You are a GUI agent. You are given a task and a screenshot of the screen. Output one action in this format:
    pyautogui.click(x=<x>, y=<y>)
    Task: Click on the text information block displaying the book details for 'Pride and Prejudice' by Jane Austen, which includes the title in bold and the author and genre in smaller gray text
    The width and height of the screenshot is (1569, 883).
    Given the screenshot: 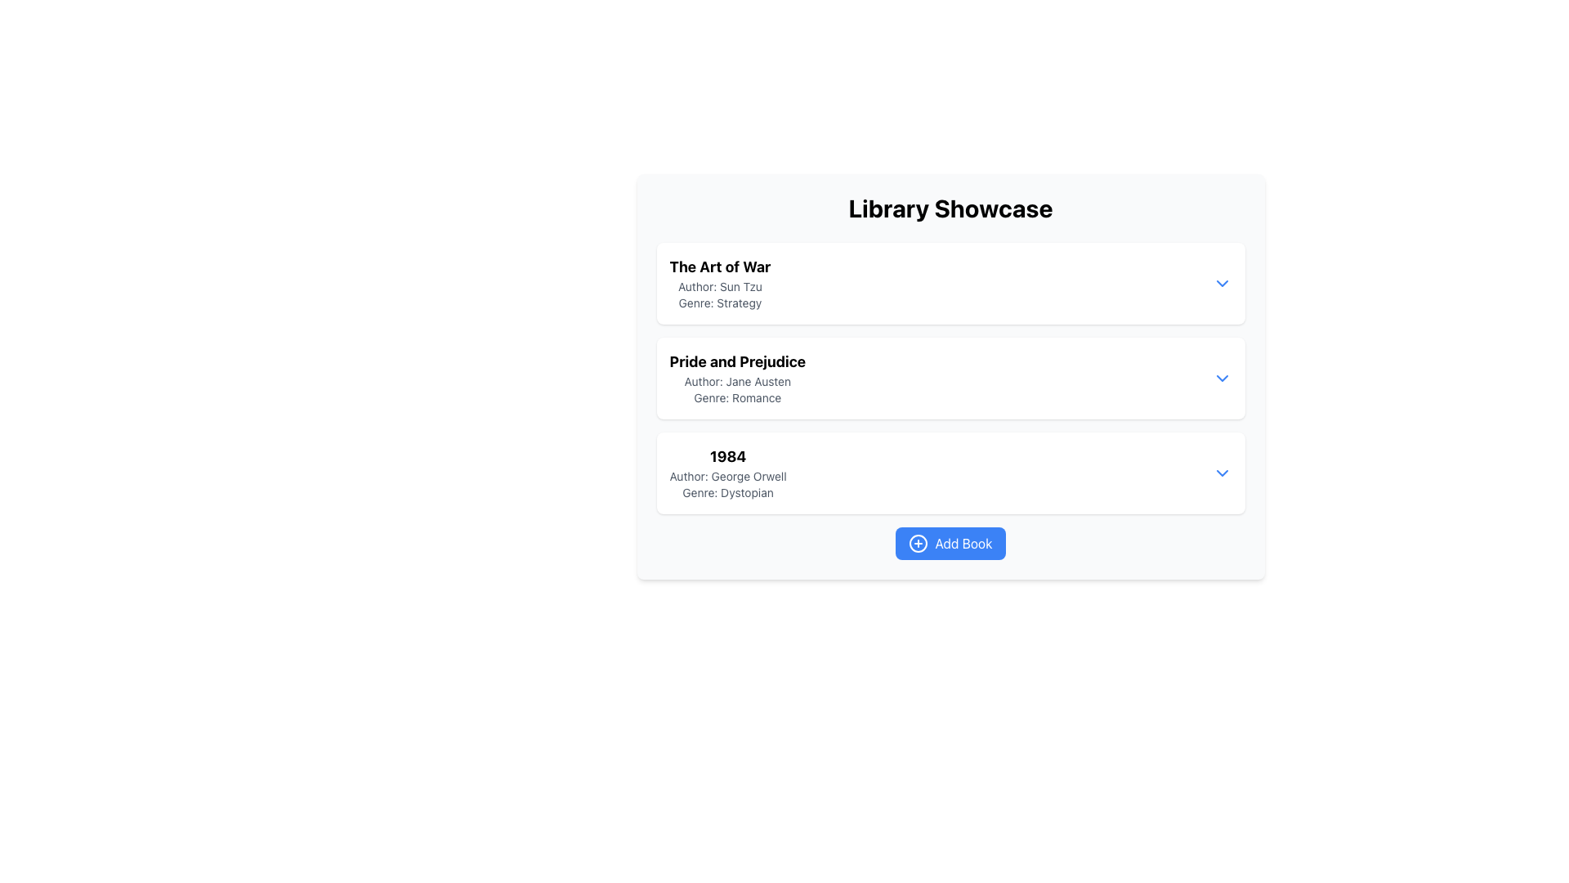 What is the action you would take?
    pyautogui.click(x=736, y=378)
    